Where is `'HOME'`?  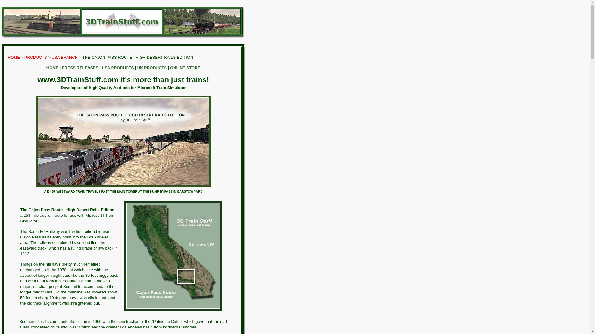
'HOME' is located at coordinates (14, 57).